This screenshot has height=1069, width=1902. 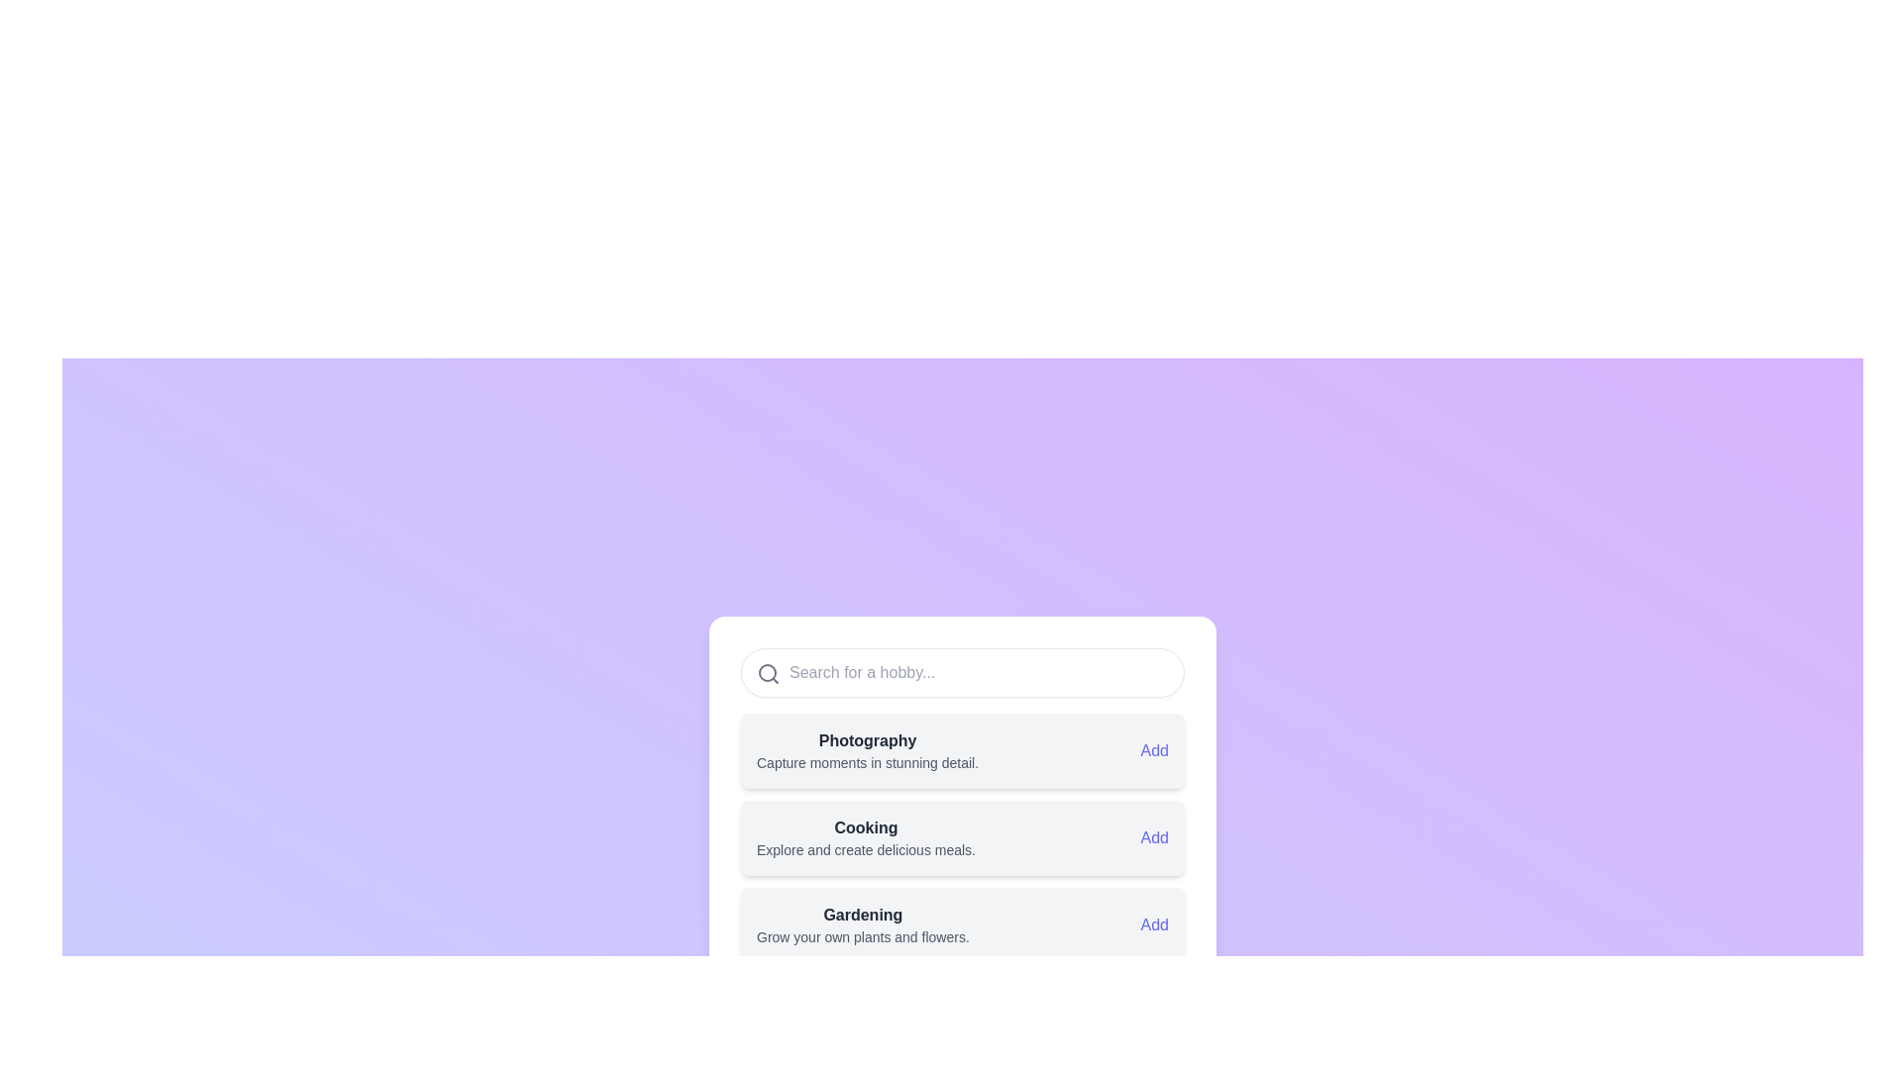 What do you see at coordinates (863, 936) in the screenshot?
I see `the static text element that provides additional context about the 'Gardening' category, located immediately below the title 'Gardening' in the vertical list interface` at bounding box center [863, 936].